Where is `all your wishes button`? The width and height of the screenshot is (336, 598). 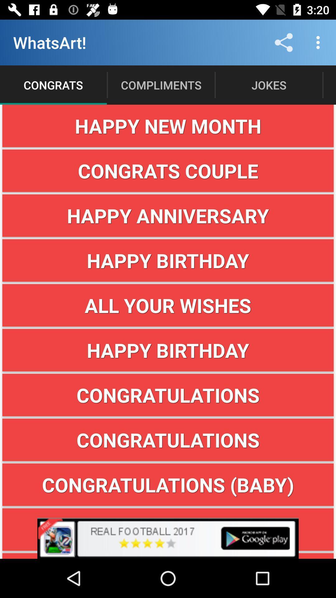
all your wishes button is located at coordinates (168, 305).